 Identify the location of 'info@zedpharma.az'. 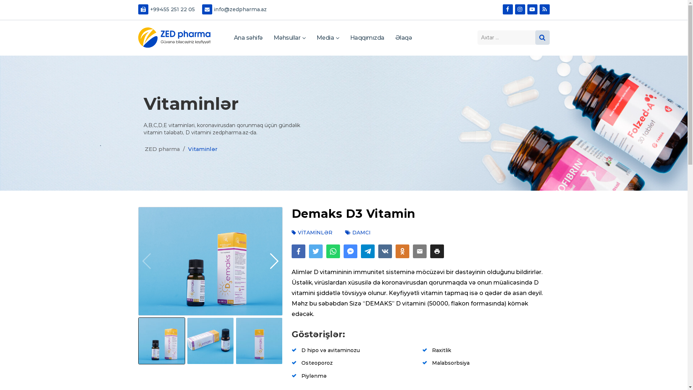
(234, 10).